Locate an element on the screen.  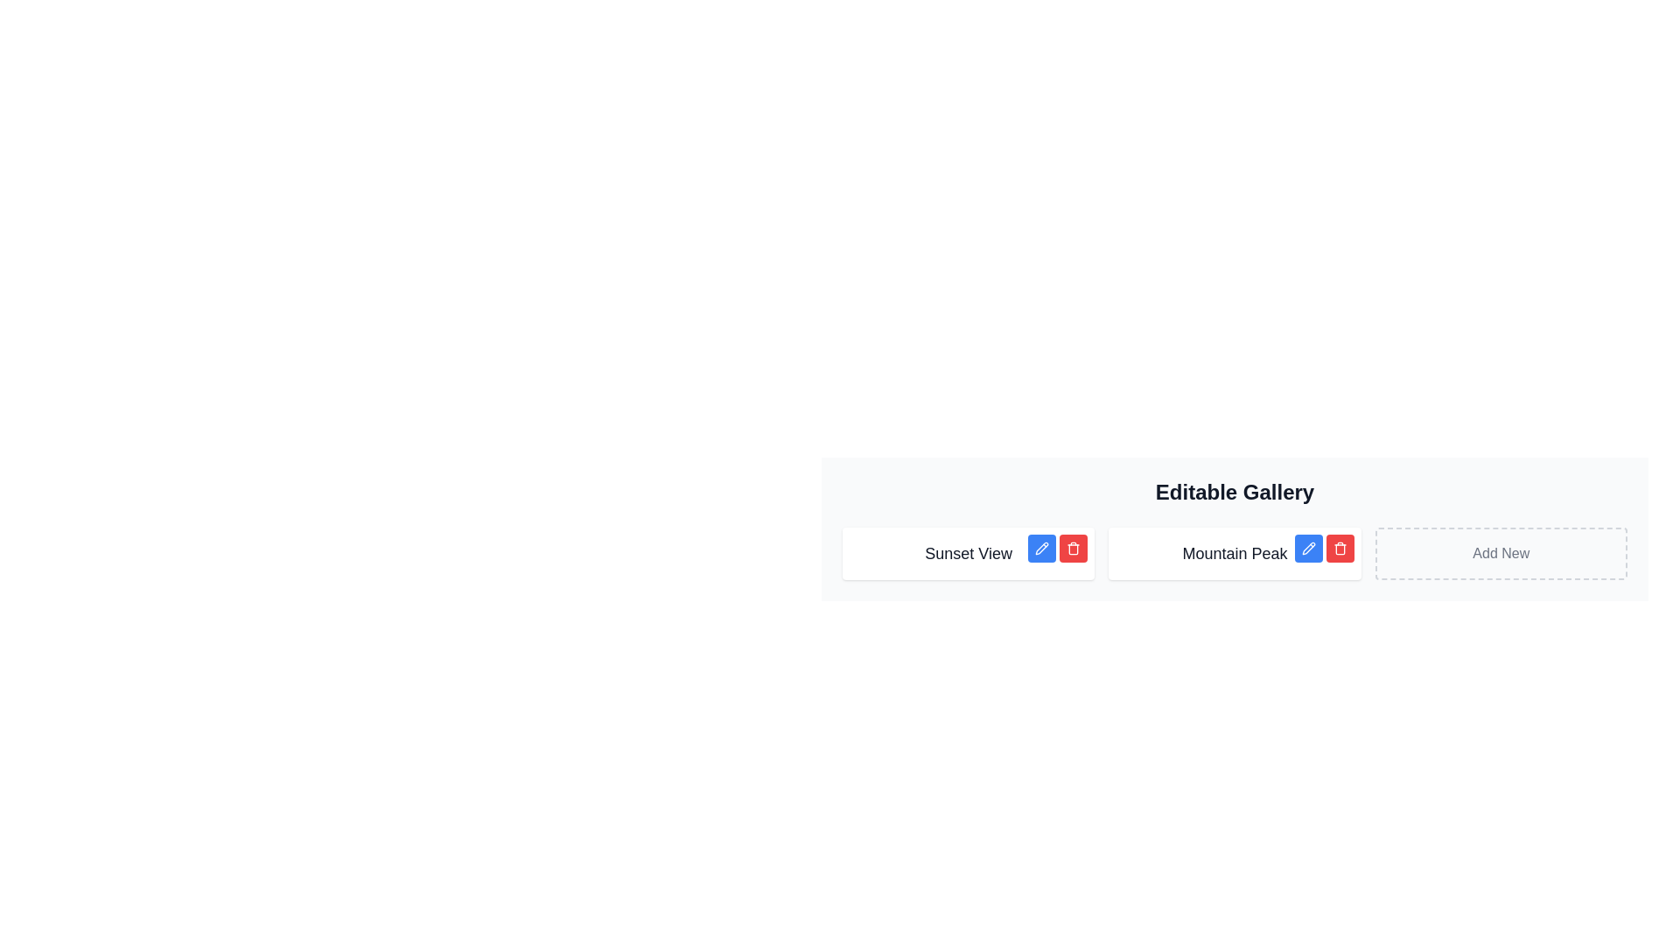
the interactive button located at the far right of a three-column grid is located at coordinates (1500, 553).